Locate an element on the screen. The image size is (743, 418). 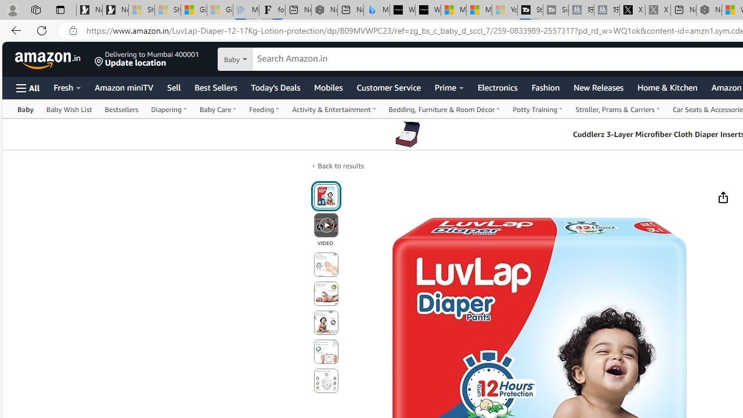
'Back to results' is located at coordinates (340, 165).